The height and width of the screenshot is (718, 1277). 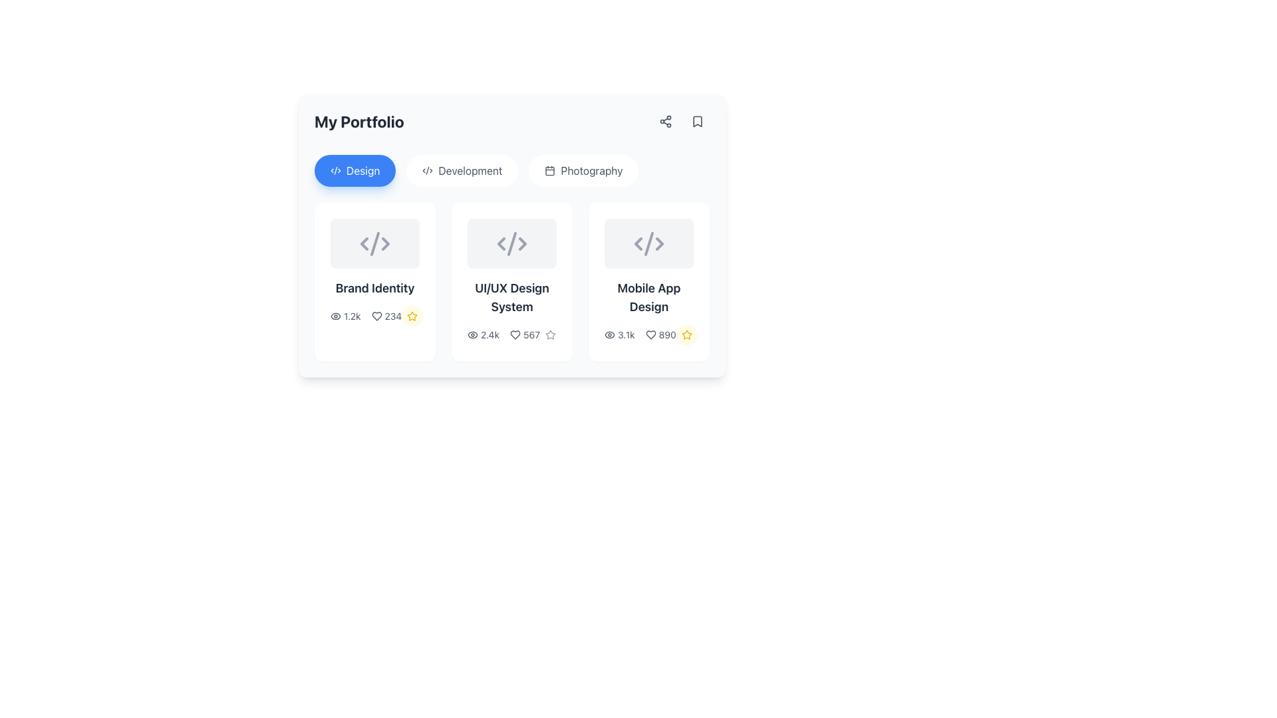 I want to click on the 'Development' button, so click(x=462, y=170).